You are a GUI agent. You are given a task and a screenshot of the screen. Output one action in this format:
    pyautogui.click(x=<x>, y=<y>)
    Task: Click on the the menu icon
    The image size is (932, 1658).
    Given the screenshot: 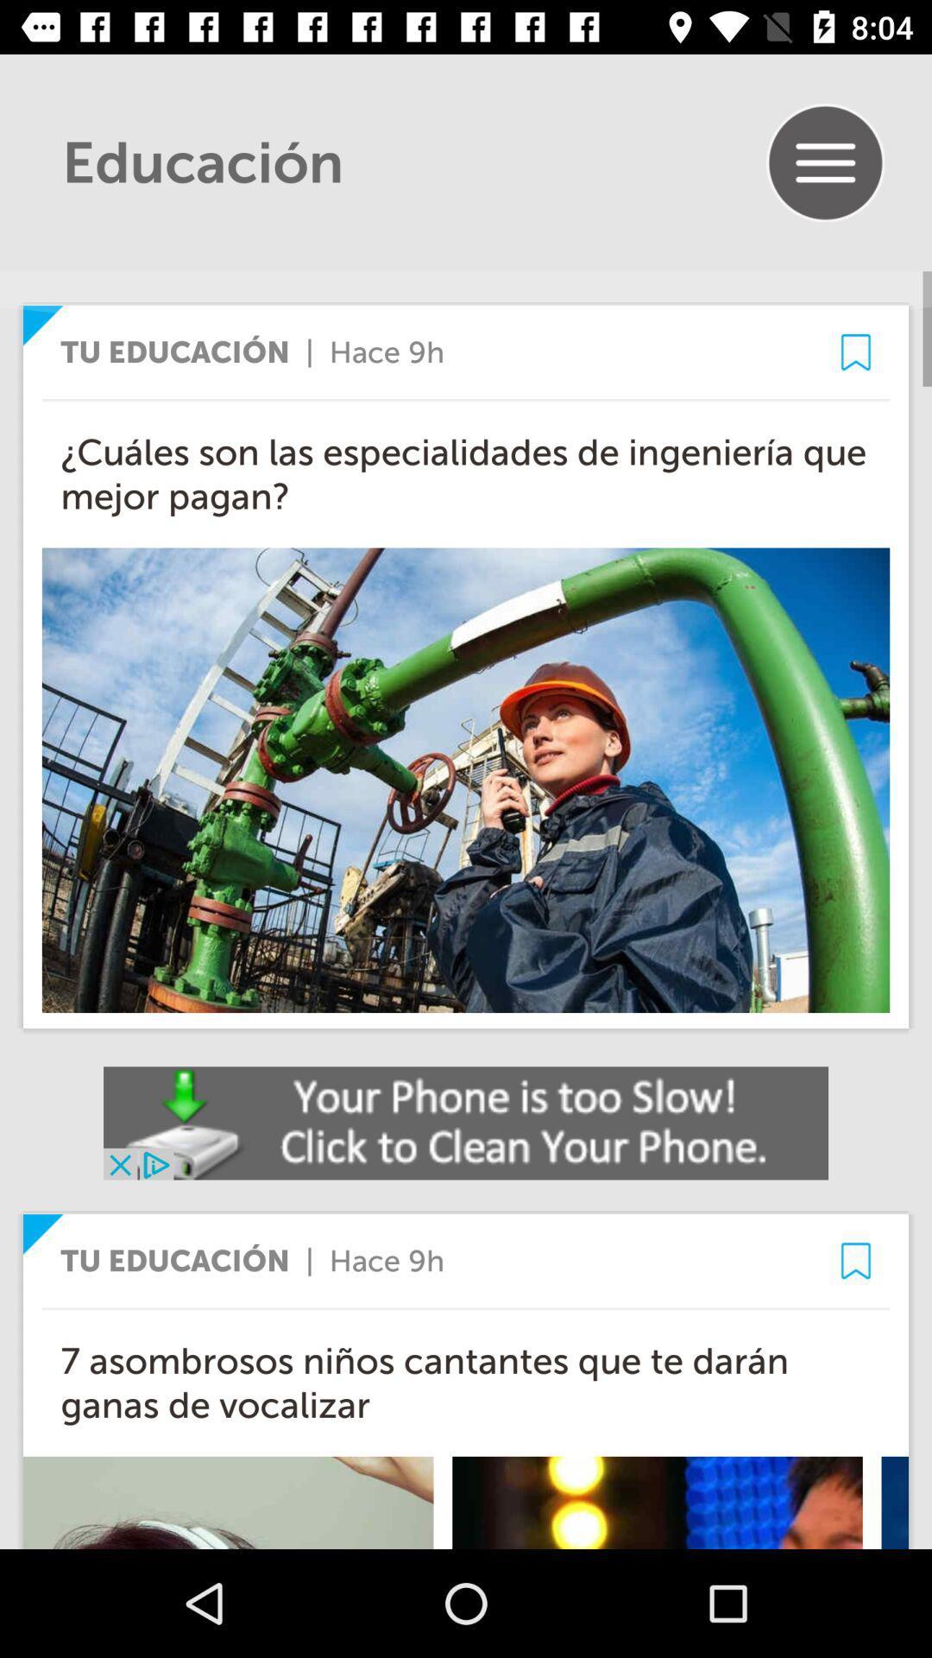 What is the action you would take?
    pyautogui.click(x=824, y=162)
    